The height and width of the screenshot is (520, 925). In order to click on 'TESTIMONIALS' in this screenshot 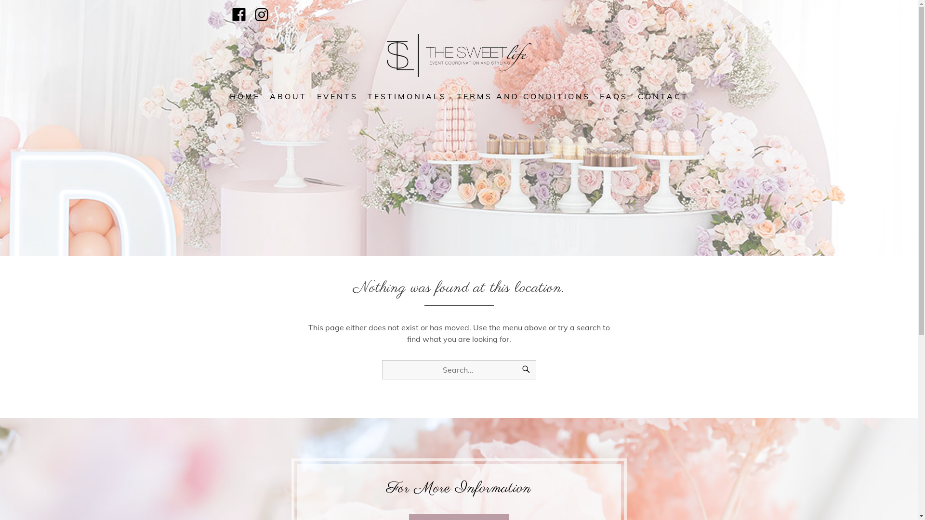, I will do `click(407, 96)`.